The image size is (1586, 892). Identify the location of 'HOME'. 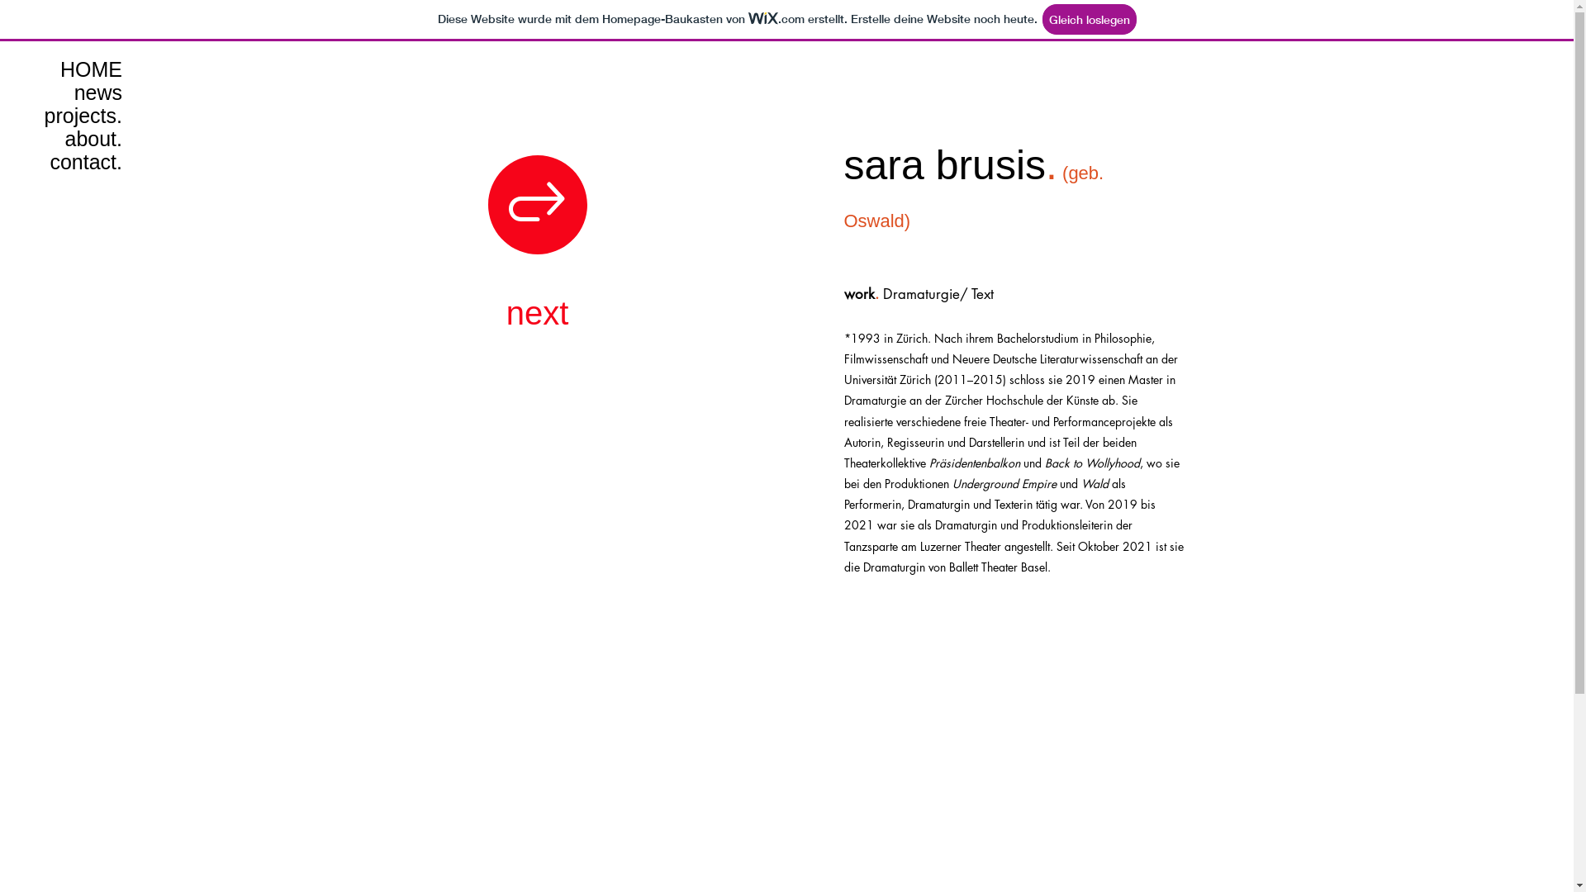
(69, 69).